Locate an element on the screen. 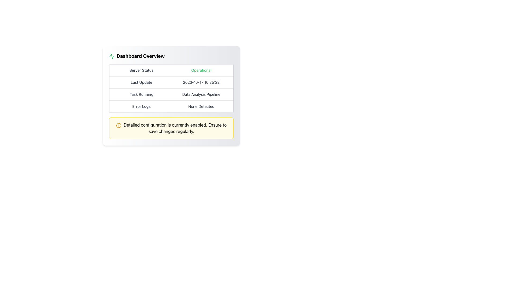  the static text label displaying 'Error Logs', which is aligned to the left in a table-like grid structure, below the 'Task Running' row is located at coordinates (141, 106).